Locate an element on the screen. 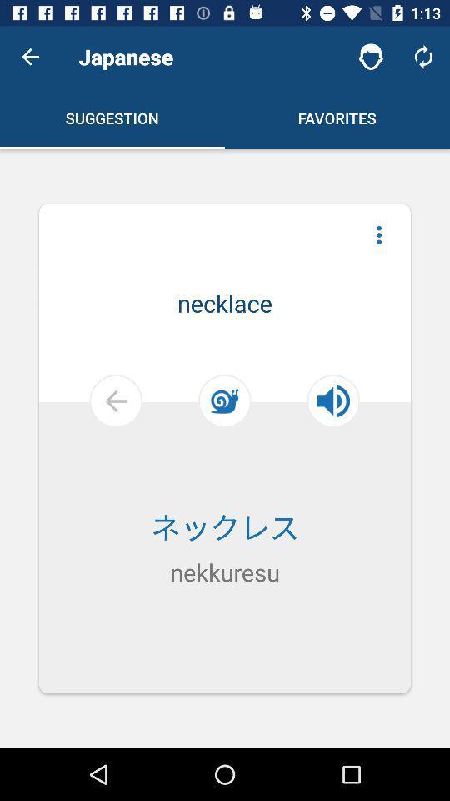 The height and width of the screenshot is (801, 450). the favorites which is in the right side of the first line is located at coordinates (337, 117).